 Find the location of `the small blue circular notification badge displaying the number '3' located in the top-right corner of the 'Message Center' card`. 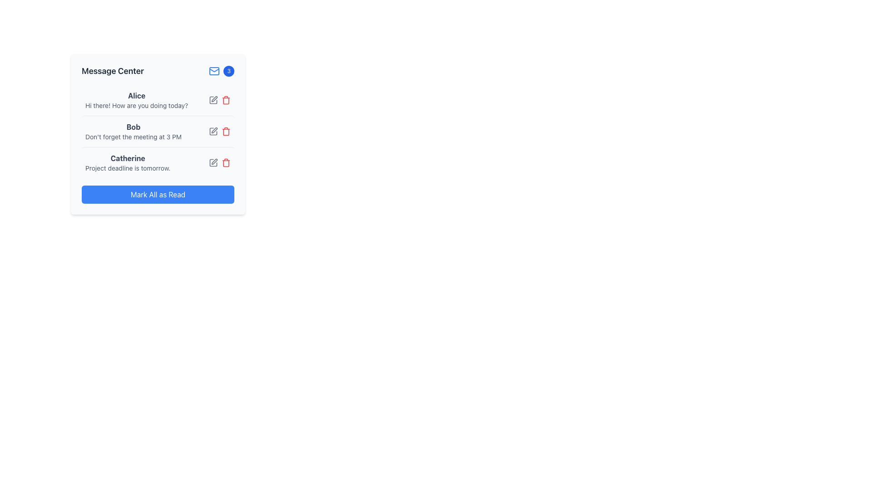

the small blue circular notification badge displaying the number '3' located in the top-right corner of the 'Message Center' card is located at coordinates (229, 71).